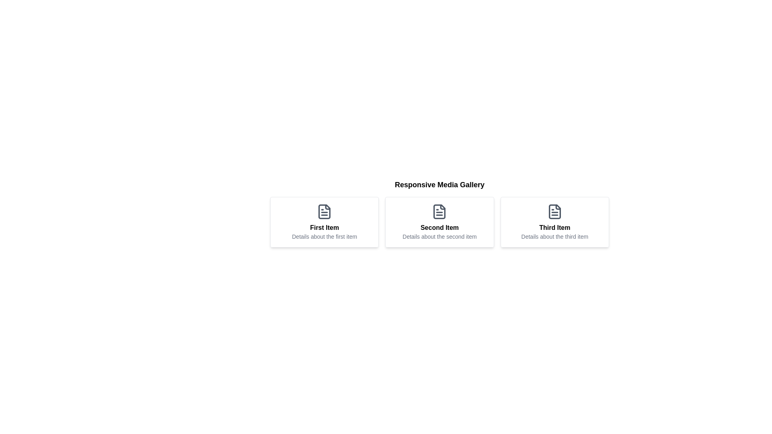 The height and width of the screenshot is (434, 772). What do you see at coordinates (554, 211) in the screenshot?
I see `the SVG icon resembling a document with three horizontal lines, located at the center top of the card titled 'Third Item'` at bounding box center [554, 211].